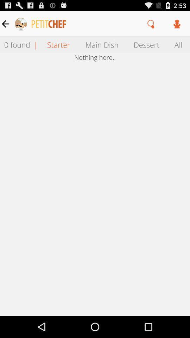  I want to click on the item above the dessert icon, so click(151, 24).